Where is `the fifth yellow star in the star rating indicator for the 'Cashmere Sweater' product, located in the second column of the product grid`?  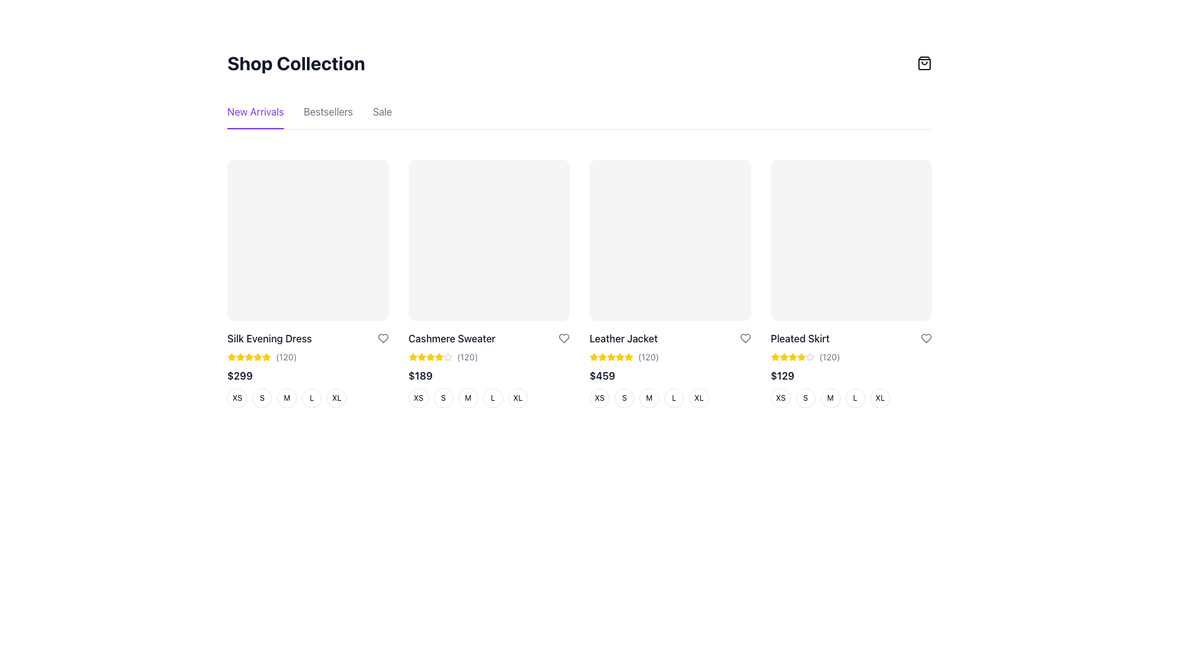 the fifth yellow star in the star rating indicator for the 'Cashmere Sweater' product, located in the second column of the product grid is located at coordinates (439, 357).